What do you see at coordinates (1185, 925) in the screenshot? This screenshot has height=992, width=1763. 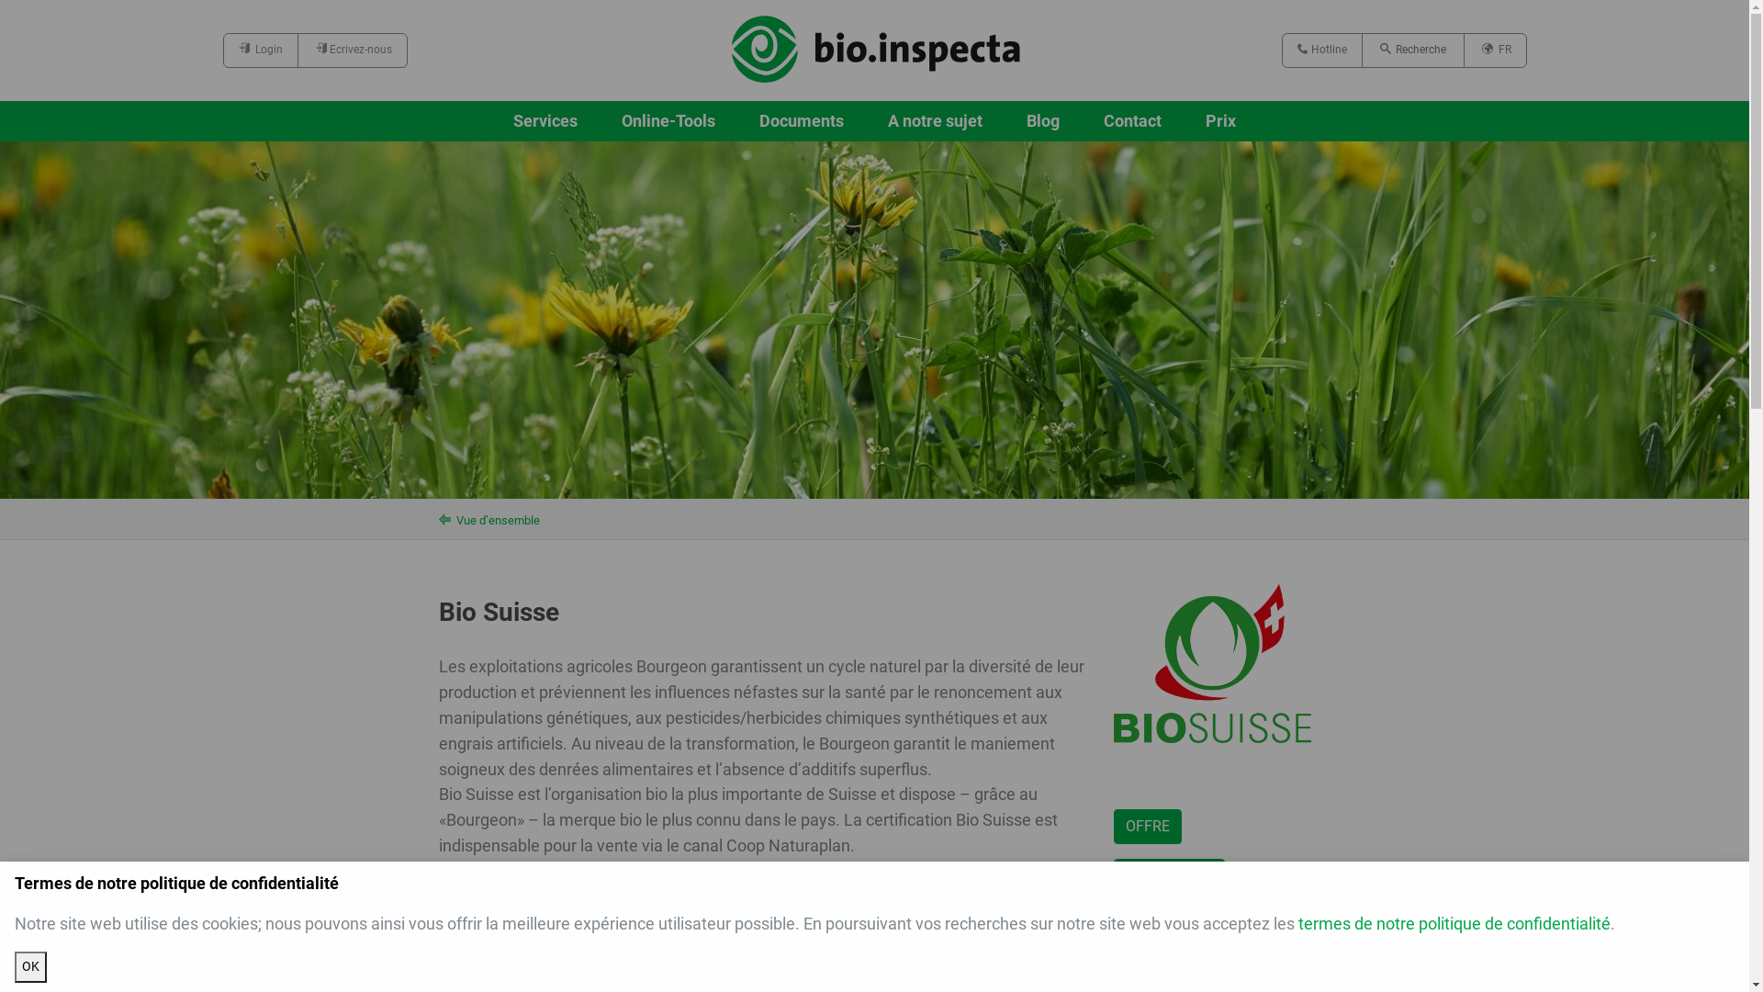 I see `'FICHE TECHNIQUE'` at bounding box center [1185, 925].